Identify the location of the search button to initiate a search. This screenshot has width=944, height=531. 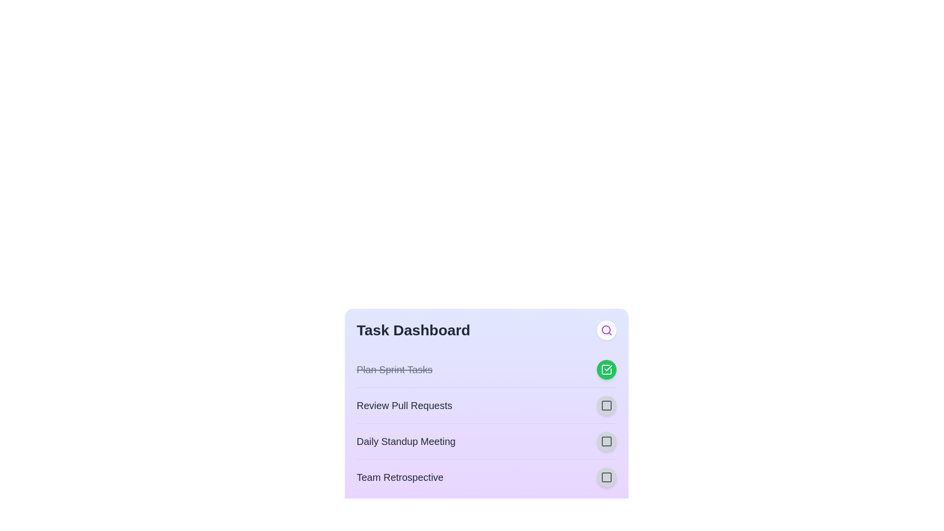
(606, 330).